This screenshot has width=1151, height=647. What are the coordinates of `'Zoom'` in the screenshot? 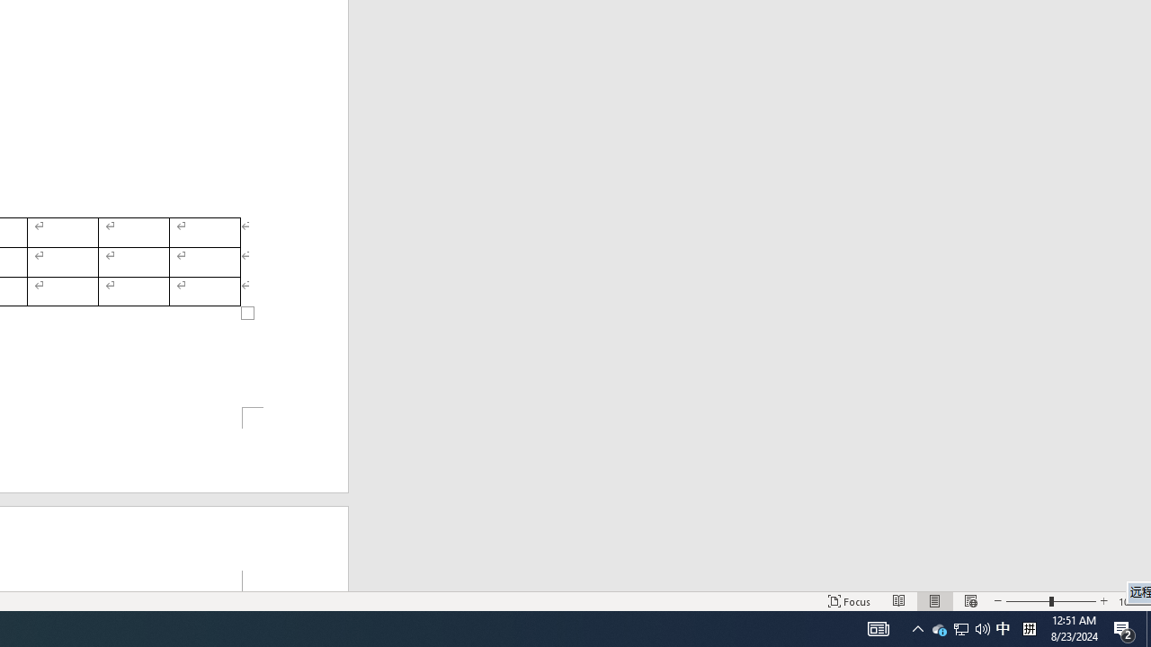 It's located at (1050, 601).